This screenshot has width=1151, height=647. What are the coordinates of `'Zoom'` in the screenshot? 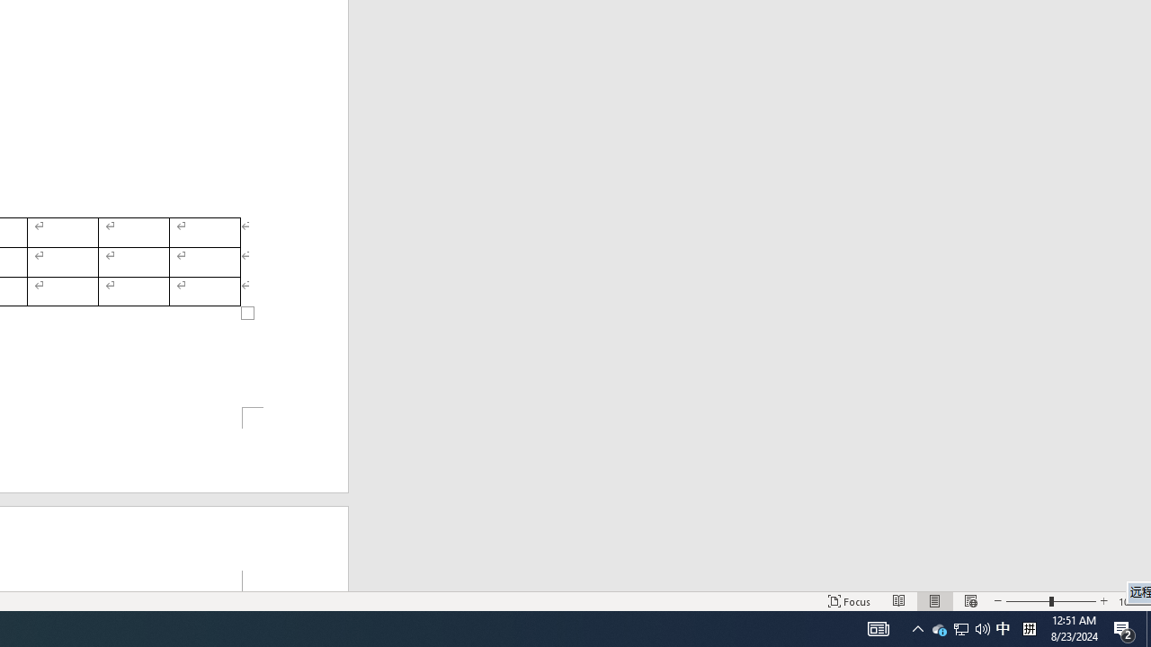 It's located at (1050, 601).